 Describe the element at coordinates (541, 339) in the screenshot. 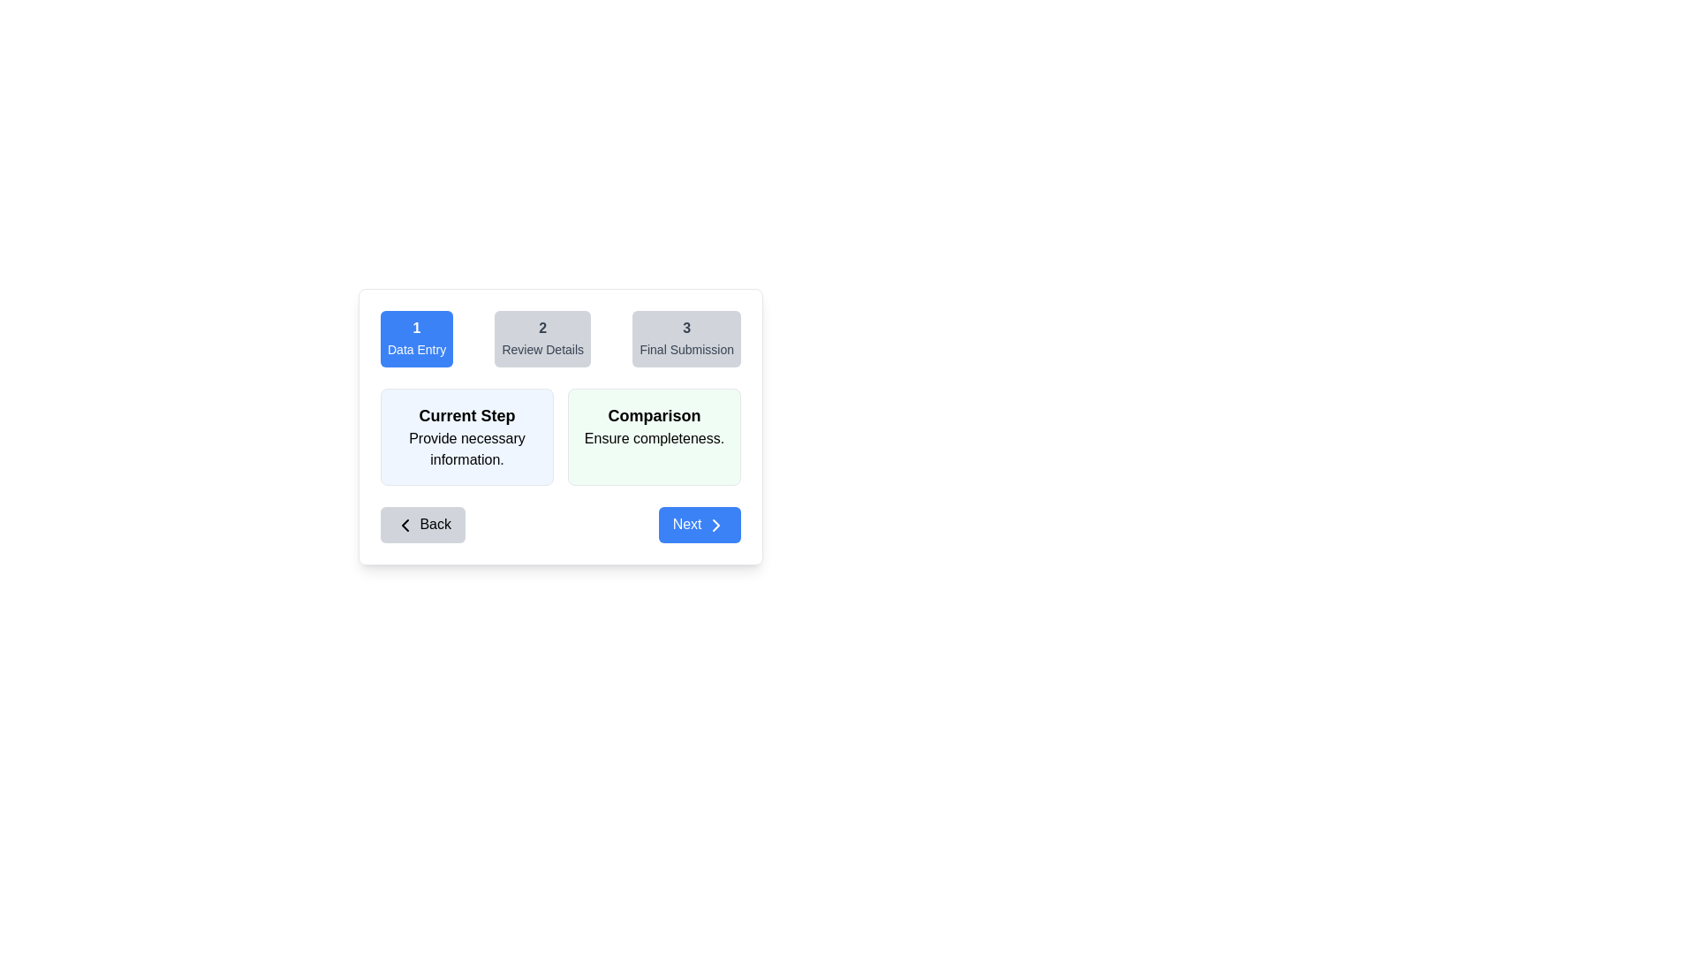

I see `the static informational component indicating step 2, which has a light gray background and displays '2' and 'Review Details' text` at that location.